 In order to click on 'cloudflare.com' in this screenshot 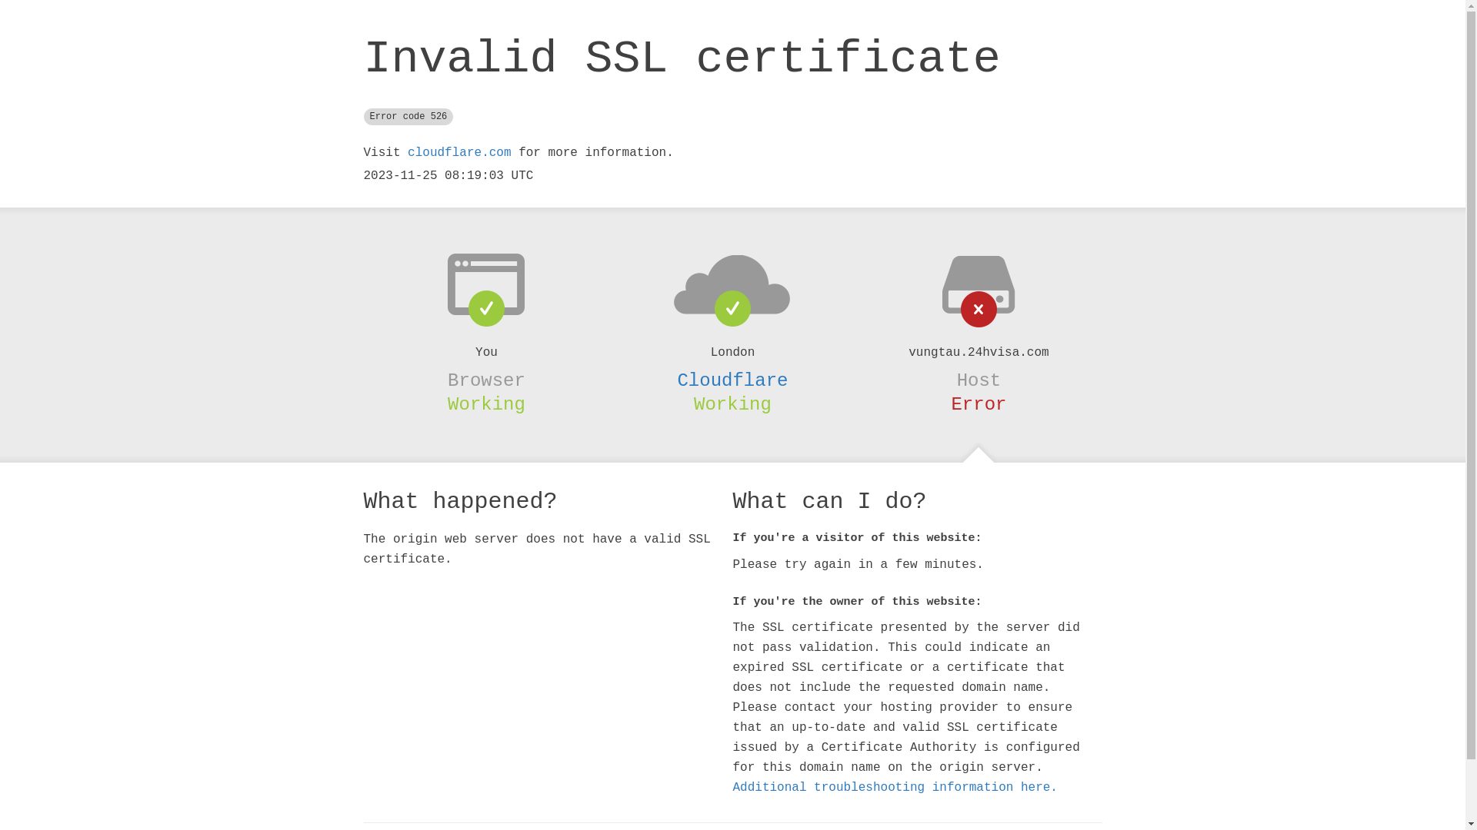, I will do `click(458, 153)`.